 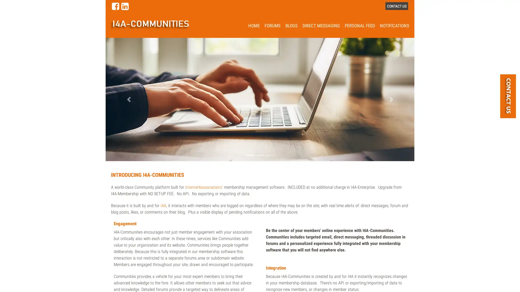 What do you see at coordinates (396, 6) in the screenshot?
I see `CONTACT US` at bounding box center [396, 6].